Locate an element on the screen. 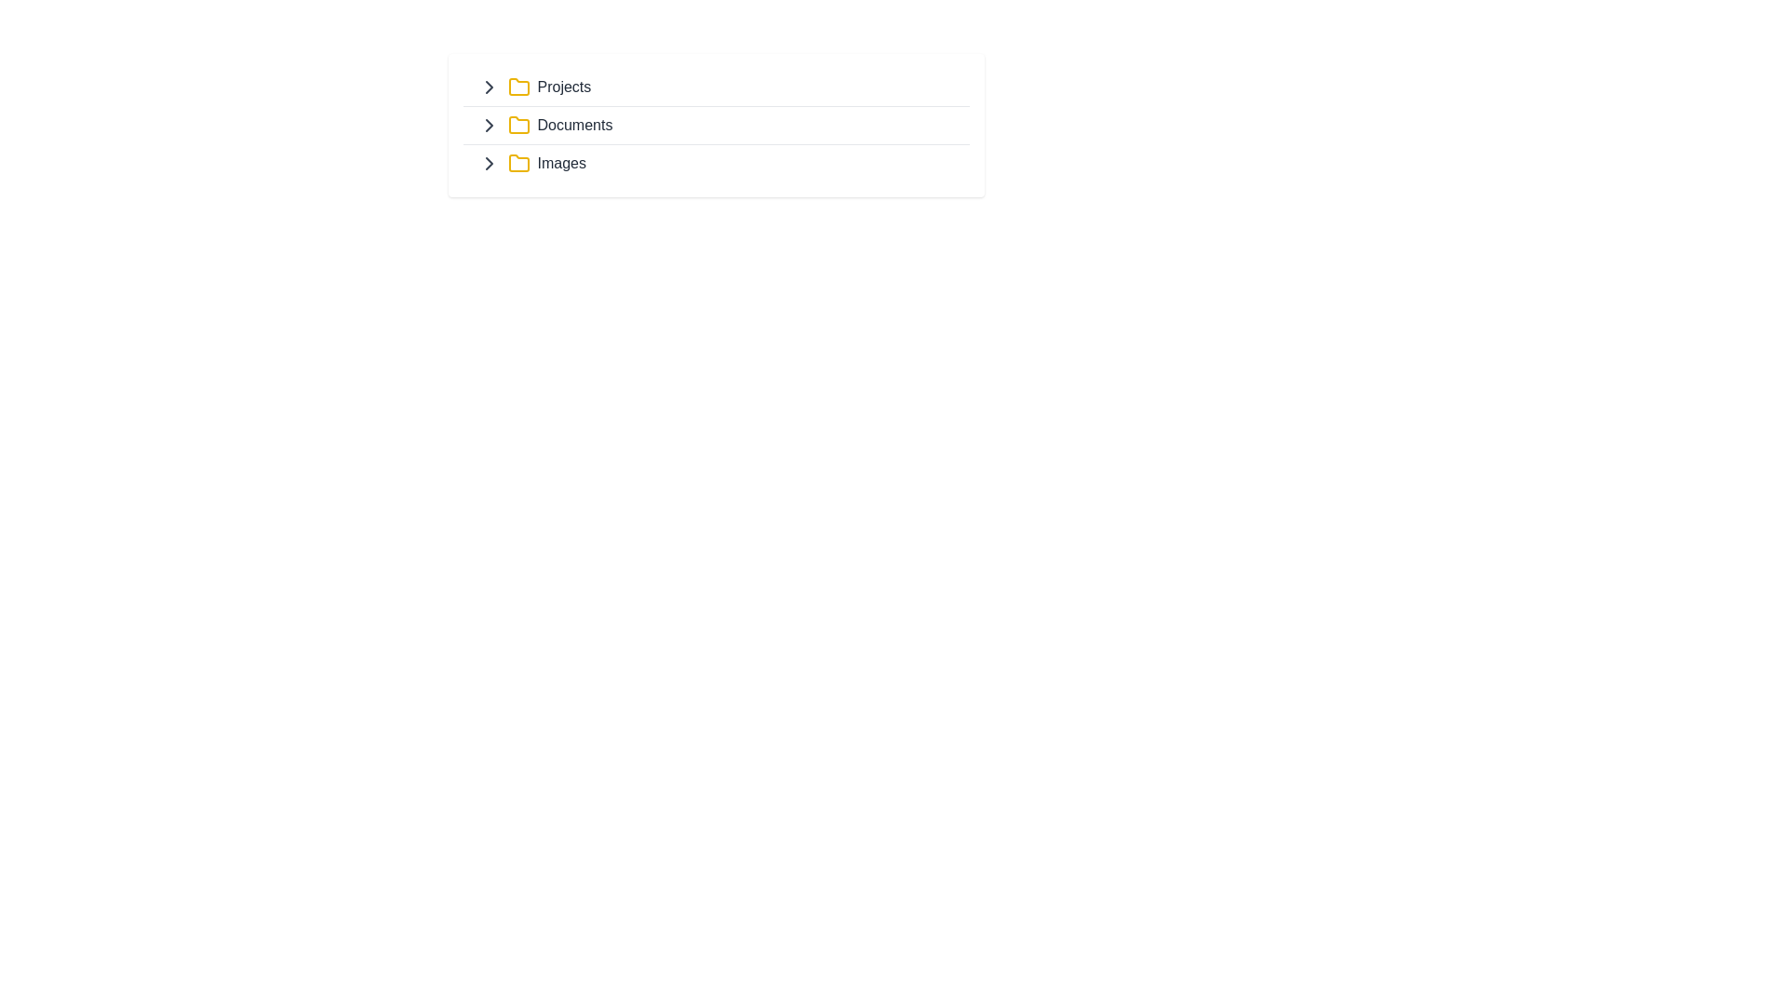 The height and width of the screenshot is (1005, 1787). the 'Documents' text label, which identifies the 'Documents' folder in the structured list layout, located to the right of a yellow folder icon and below the 'Projects' row is located at coordinates (574, 126).